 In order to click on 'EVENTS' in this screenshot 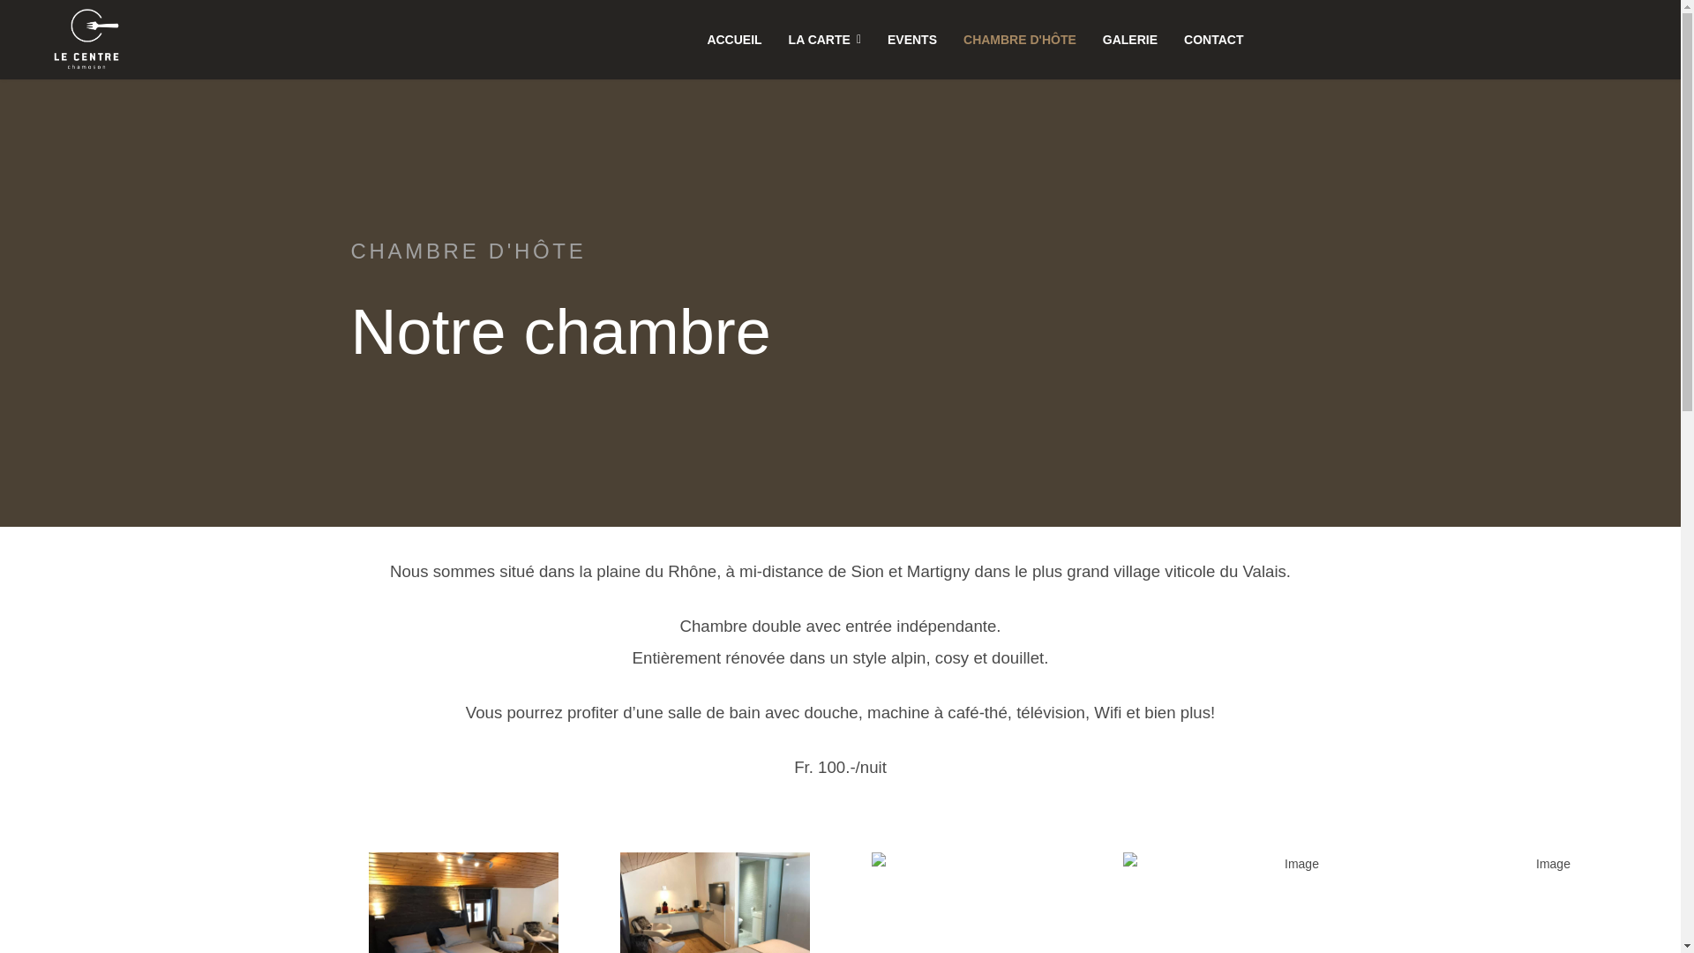, I will do `click(911, 40)`.